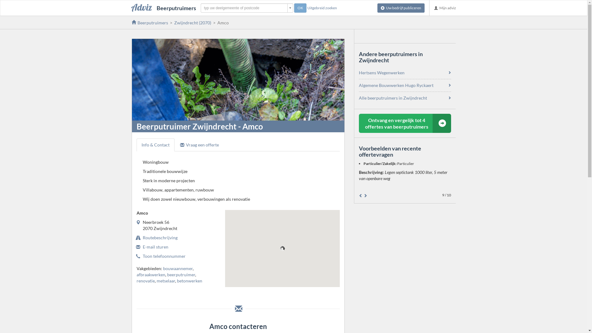  I want to click on 'Info & Contact', so click(155, 145).